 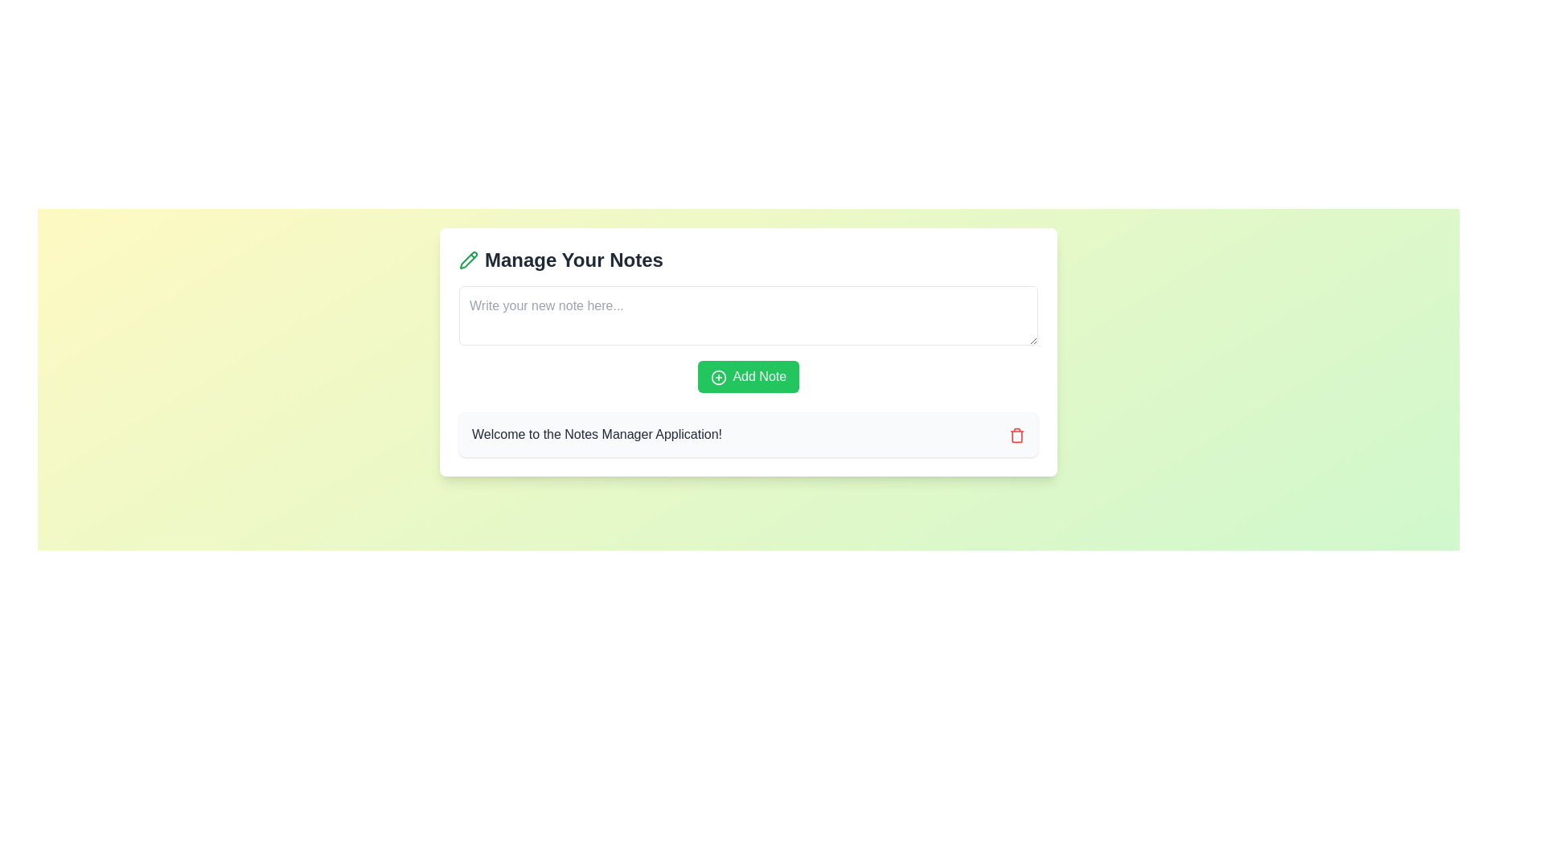 I want to click on introductory text label located at the lower part of the white card section, horizontally centered and to the left of the red trash can icon, so click(x=596, y=434).